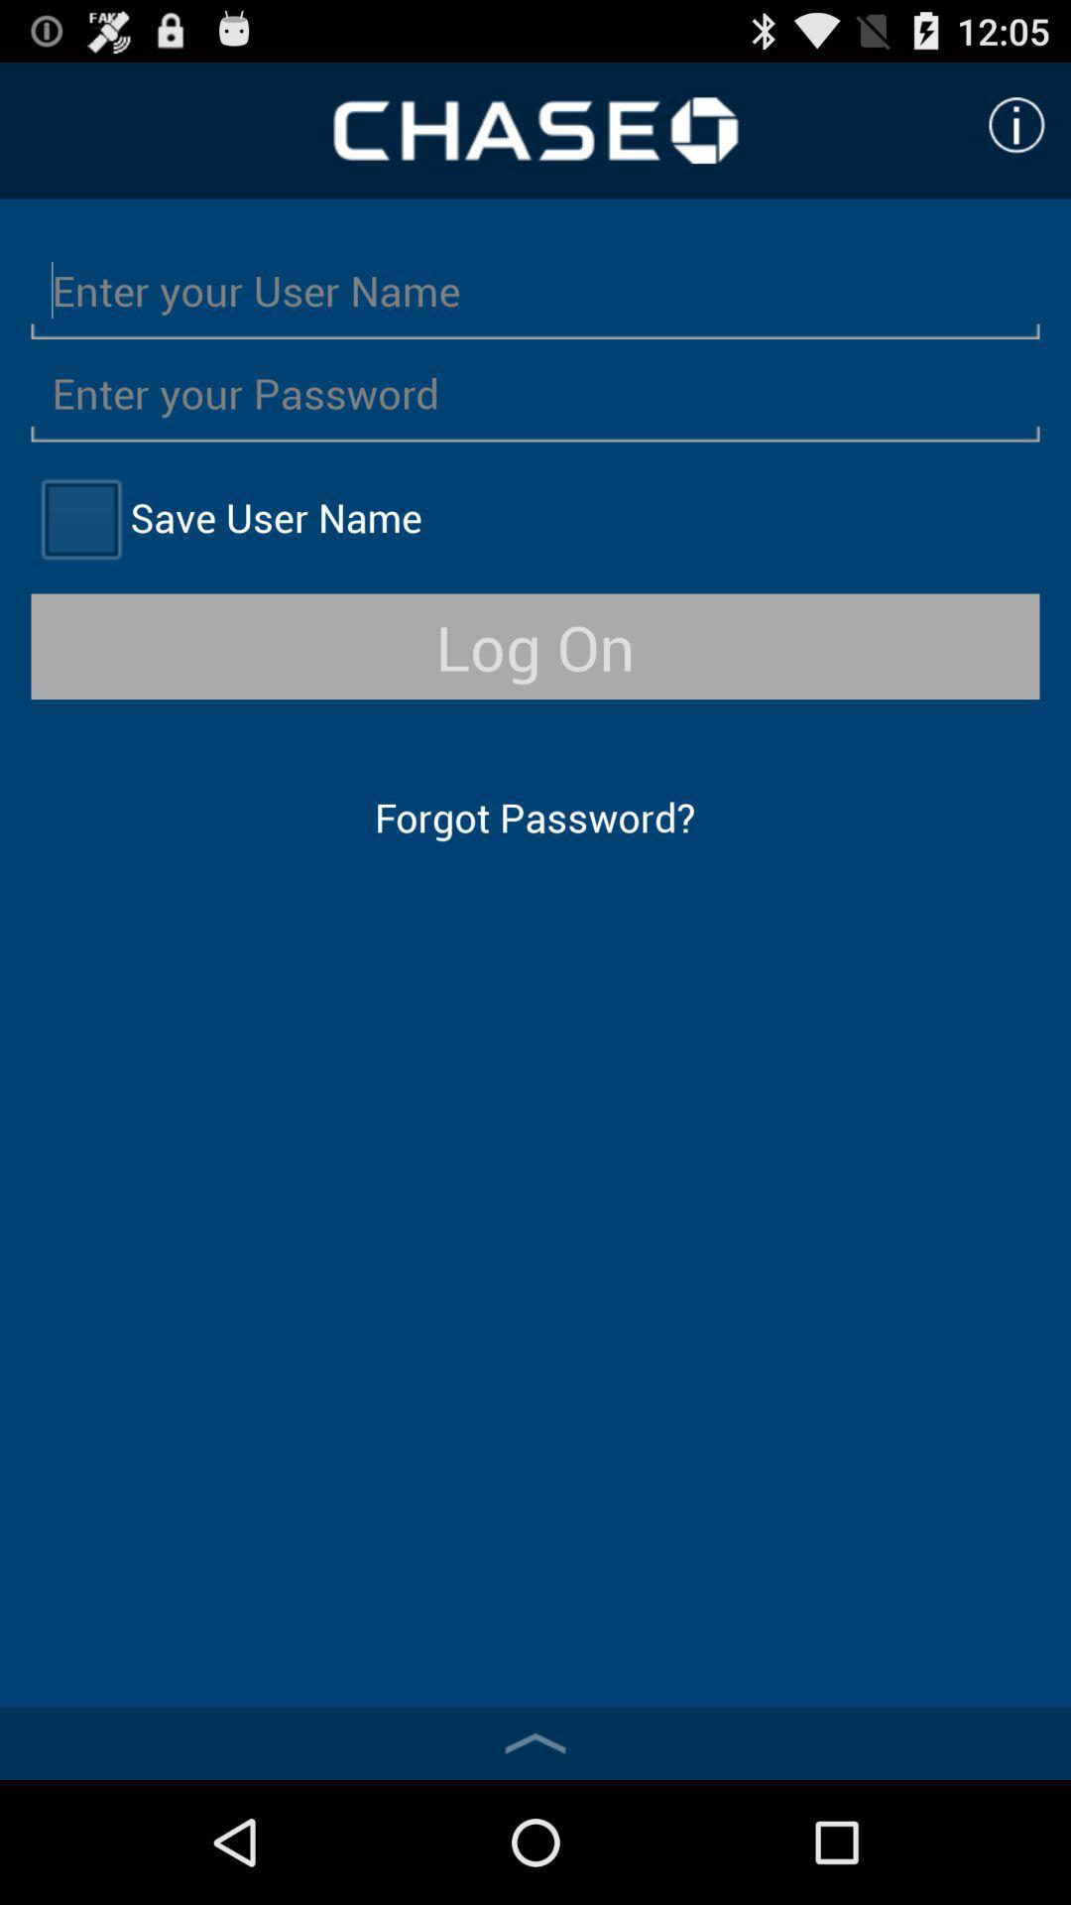  What do you see at coordinates (535, 289) in the screenshot?
I see `username` at bounding box center [535, 289].